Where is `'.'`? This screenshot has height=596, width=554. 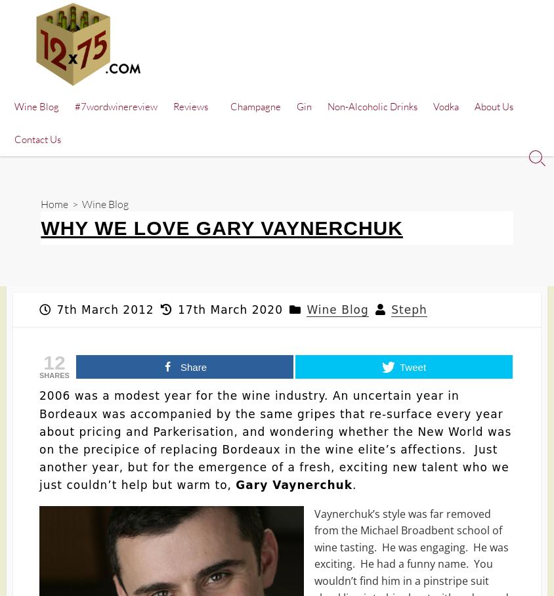 '.' is located at coordinates (354, 485).